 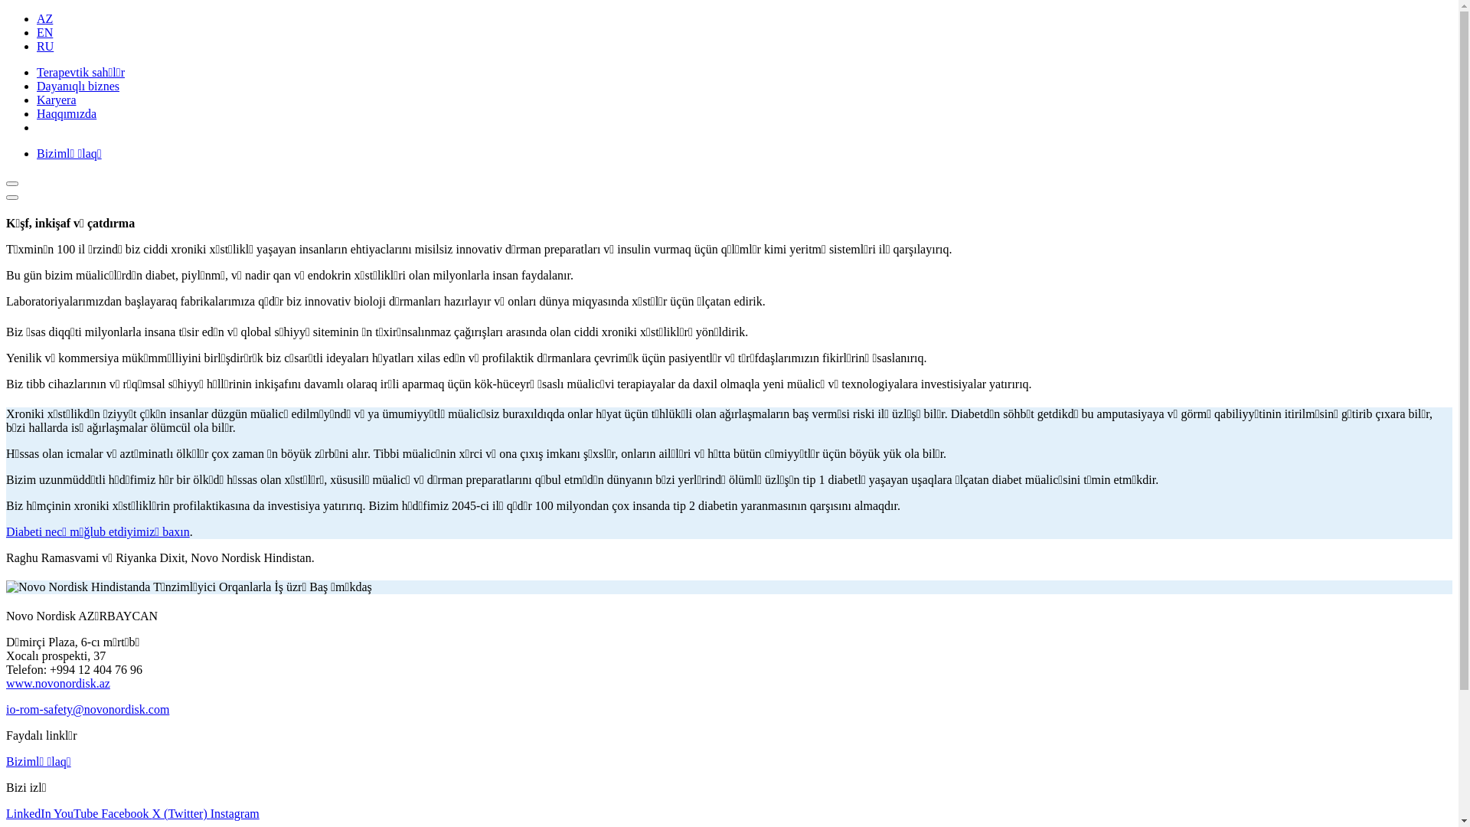 I want to click on 'AZ', so click(x=37, y=18).